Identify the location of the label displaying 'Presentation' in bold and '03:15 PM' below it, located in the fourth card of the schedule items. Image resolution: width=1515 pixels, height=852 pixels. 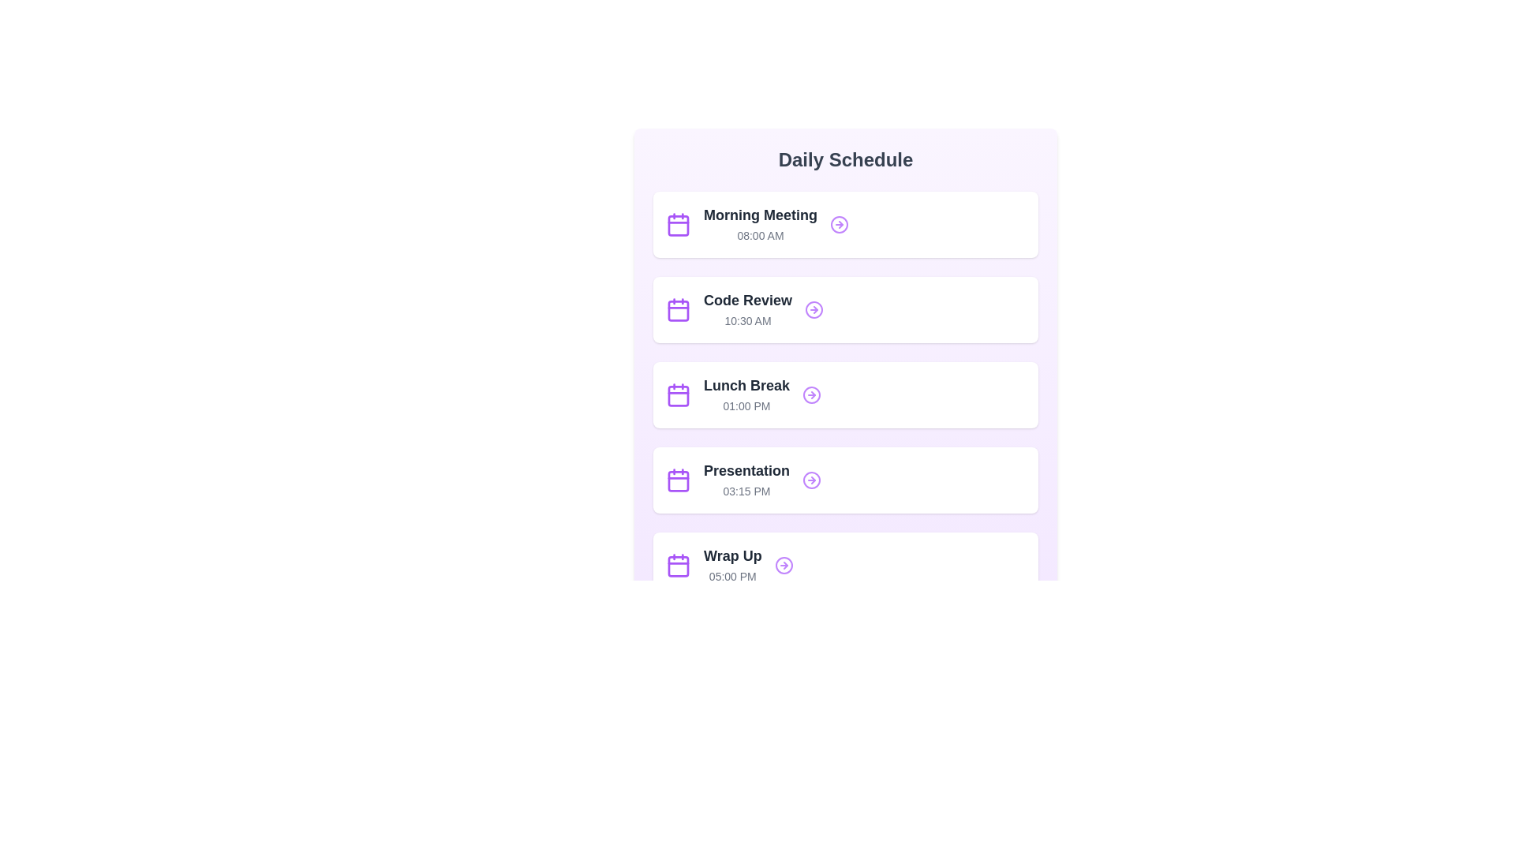
(746, 480).